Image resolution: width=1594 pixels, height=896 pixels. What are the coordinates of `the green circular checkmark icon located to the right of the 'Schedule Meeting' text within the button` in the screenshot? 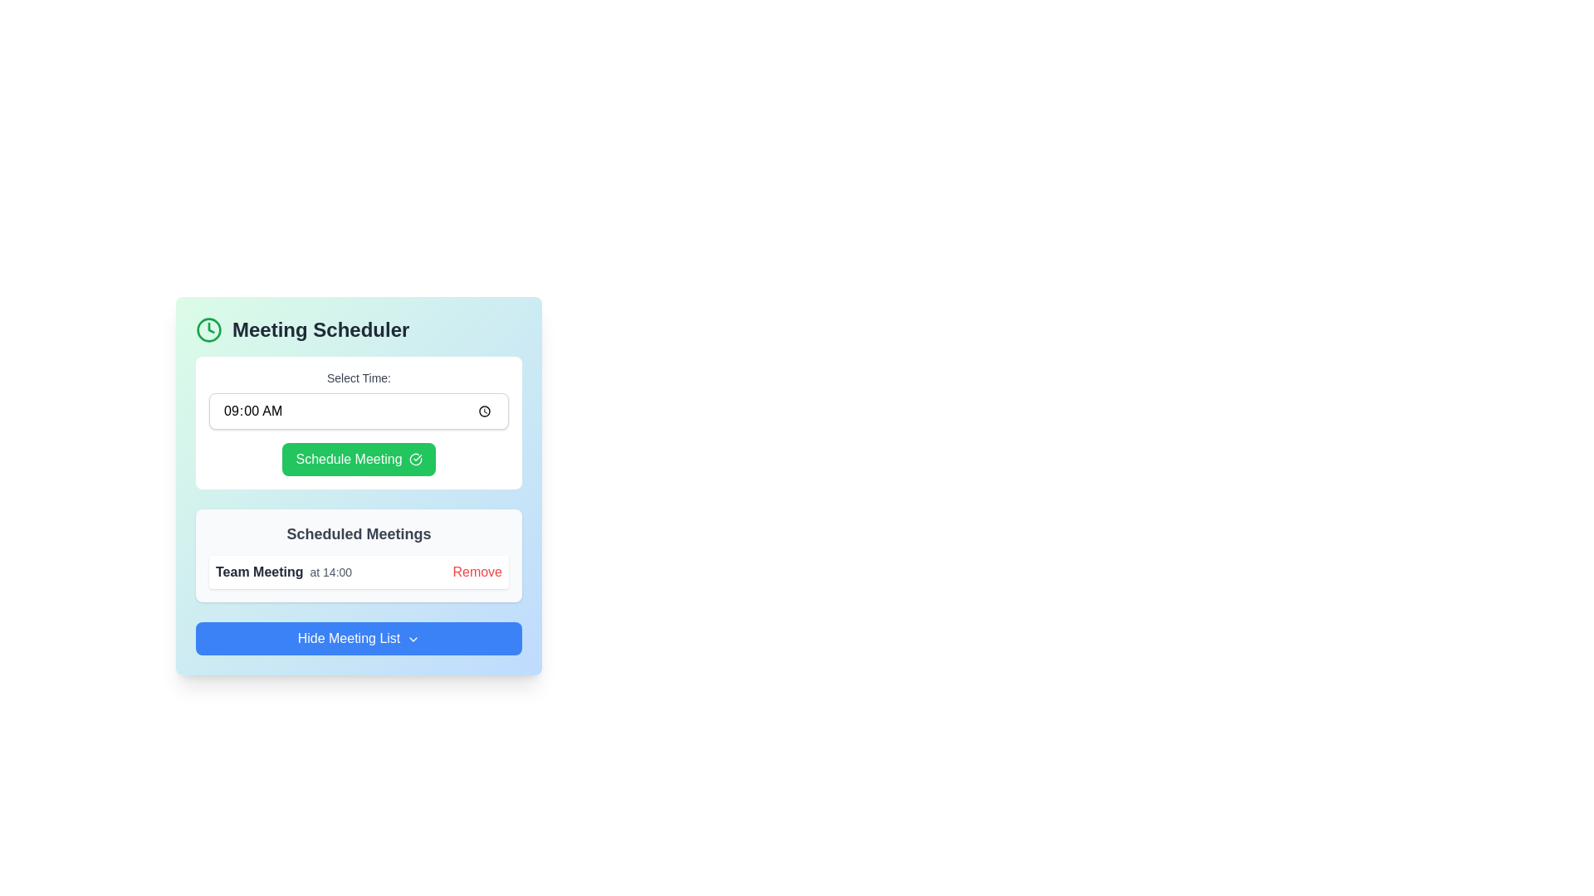 It's located at (415, 460).